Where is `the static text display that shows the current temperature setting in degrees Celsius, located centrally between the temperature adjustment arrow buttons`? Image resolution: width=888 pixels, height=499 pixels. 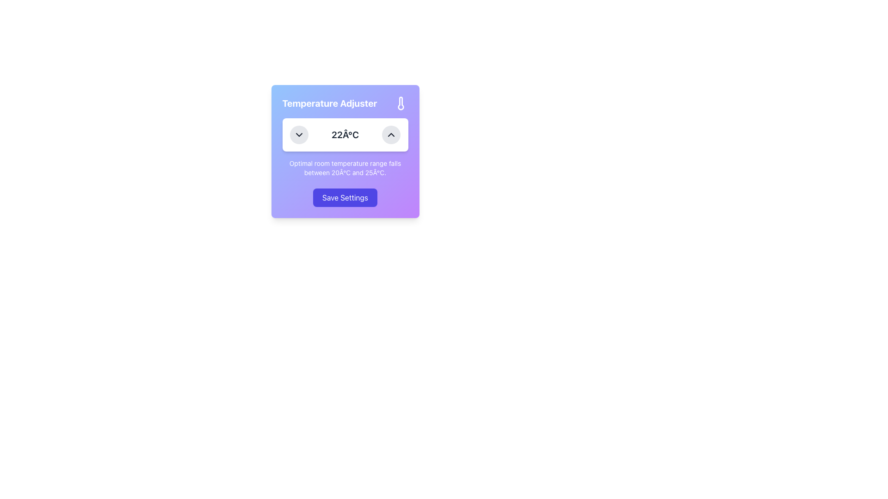 the static text display that shows the current temperature setting in degrees Celsius, located centrally between the temperature adjustment arrow buttons is located at coordinates (345, 135).